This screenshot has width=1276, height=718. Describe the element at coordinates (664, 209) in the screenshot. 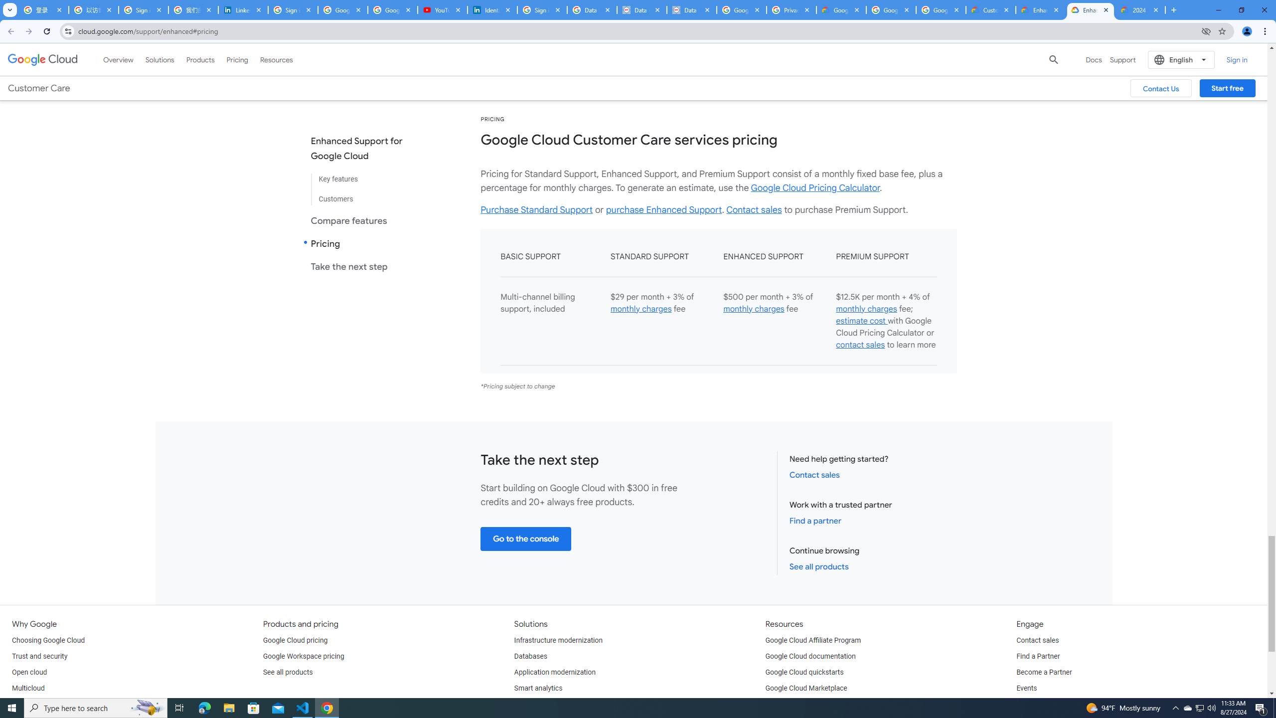

I see `'purchase Enhanced Support'` at that location.